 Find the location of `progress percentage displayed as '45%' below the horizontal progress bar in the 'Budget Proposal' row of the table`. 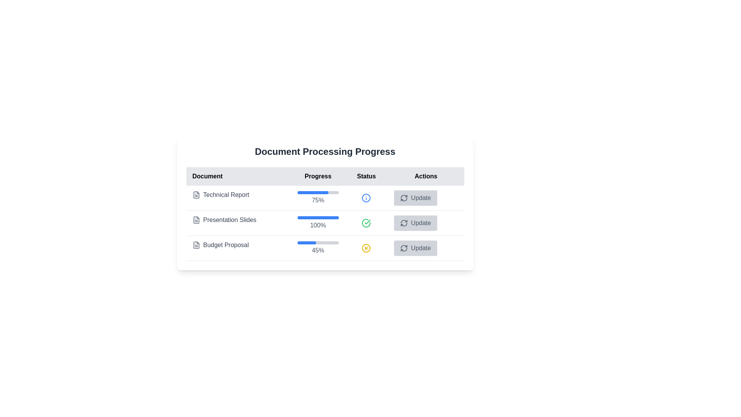

progress percentage displayed as '45%' below the horizontal progress bar in the 'Budget Proposal' row of the table is located at coordinates (318, 248).